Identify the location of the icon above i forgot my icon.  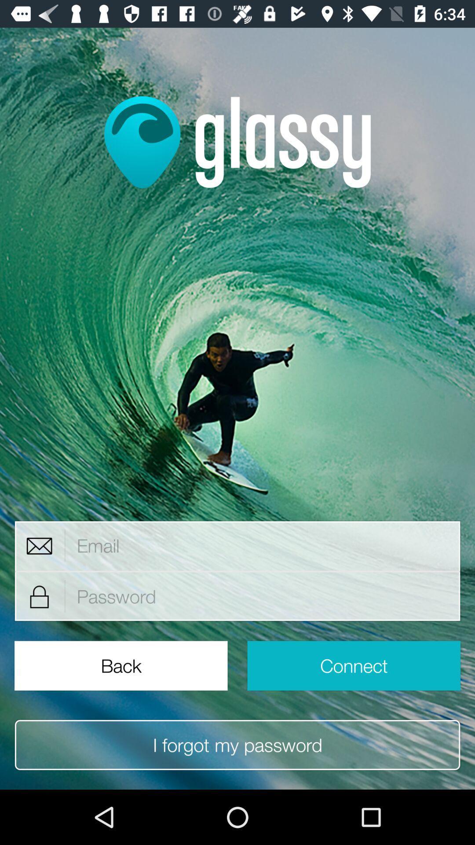
(353, 665).